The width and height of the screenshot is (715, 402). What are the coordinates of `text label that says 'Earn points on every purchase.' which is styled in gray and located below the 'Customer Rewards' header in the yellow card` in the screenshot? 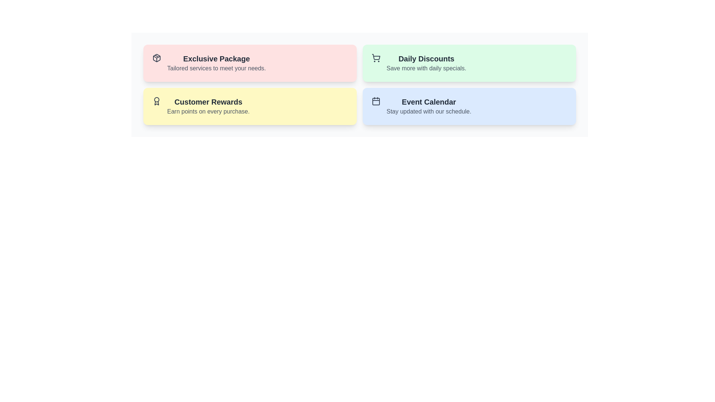 It's located at (208, 112).